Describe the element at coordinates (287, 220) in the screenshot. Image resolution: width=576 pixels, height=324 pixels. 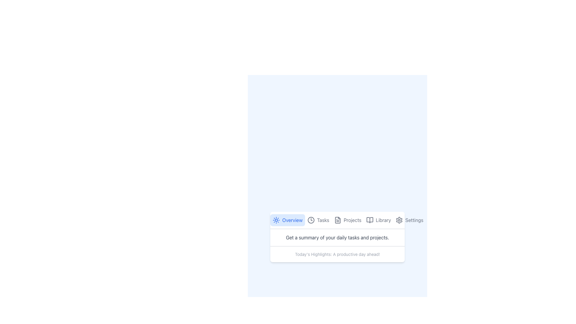
I see `the 'Overview' button, which is a light blue button with blue text and a sun icon, located on the far-left of a horizontal row of buttons` at that location.